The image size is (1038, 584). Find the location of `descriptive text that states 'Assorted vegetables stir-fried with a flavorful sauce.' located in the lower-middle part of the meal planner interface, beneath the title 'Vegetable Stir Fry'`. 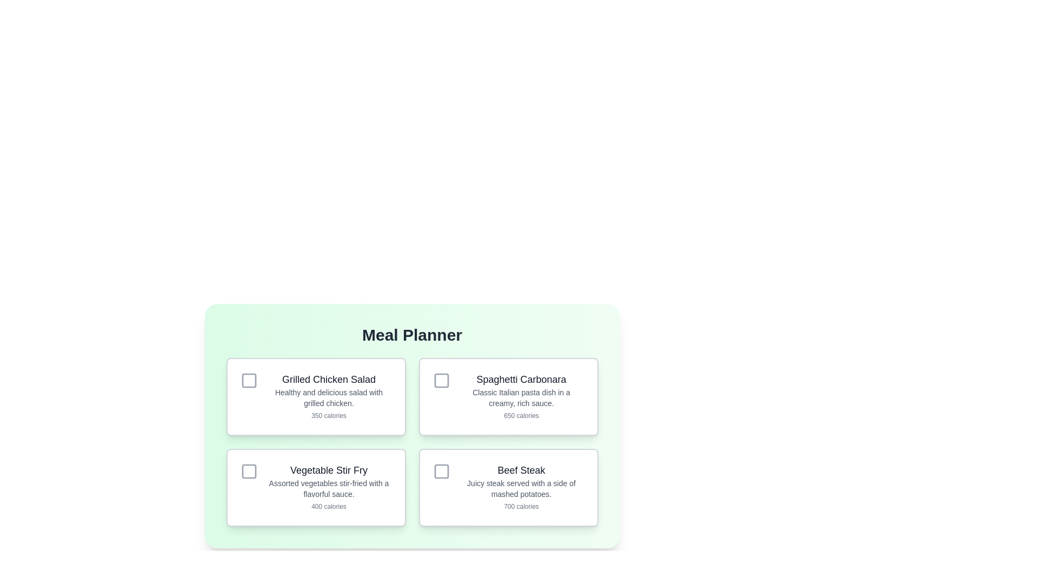

descriptive text that states 'Assorted vegetables stir-fried with a flavorful sauce.' located in the lower-middle part of the meal planner interface, beneath the title 'Vegetable Stir Fry' is located at coordinates (328, 488).